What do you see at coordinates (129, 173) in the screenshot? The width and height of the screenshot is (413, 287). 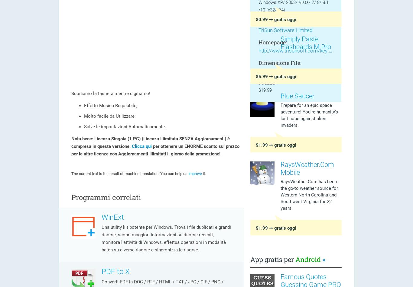 I see `'The current text is the result of machine translation. You can help us'` at bounding box center [129, 173].